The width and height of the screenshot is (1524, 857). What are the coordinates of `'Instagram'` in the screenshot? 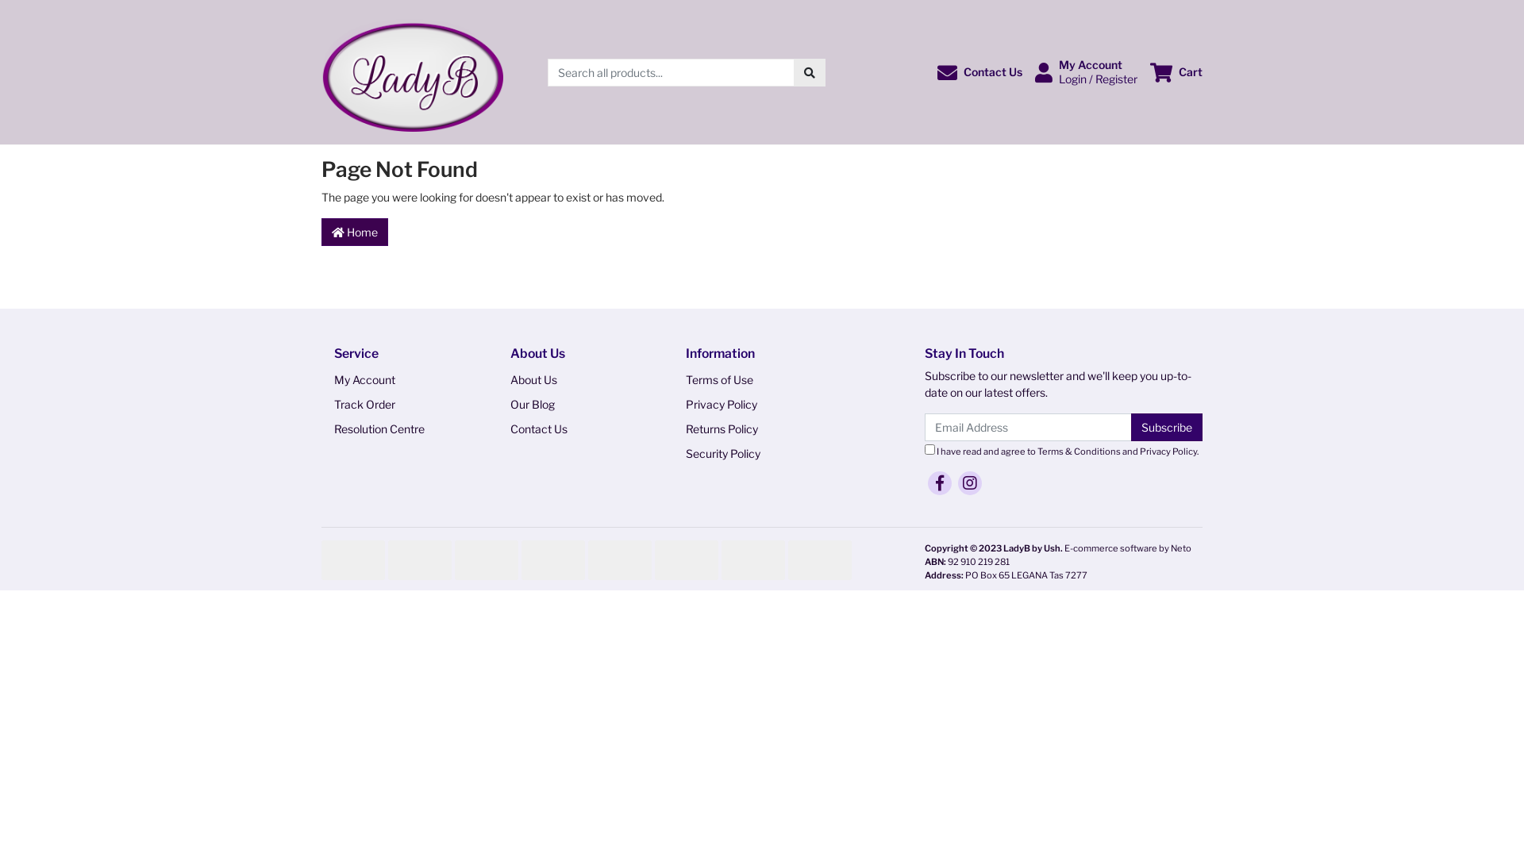 It's located at (969, 482).